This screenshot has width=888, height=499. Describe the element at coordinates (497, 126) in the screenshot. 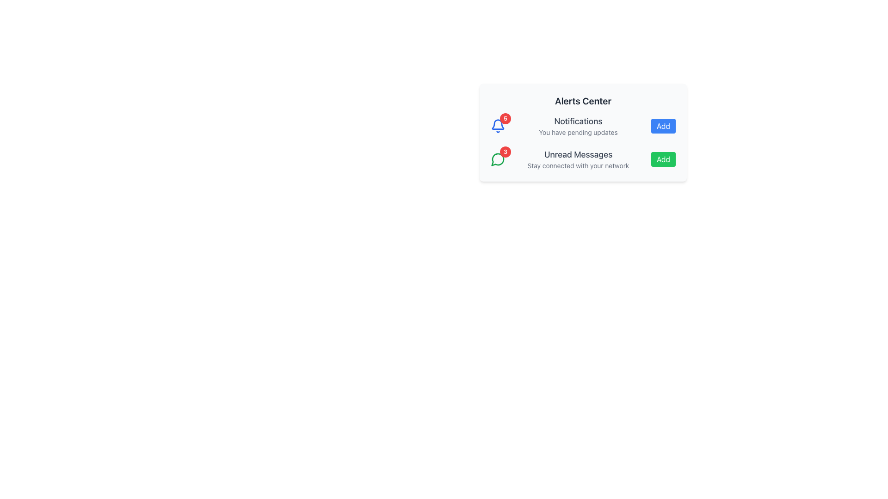

I see `the Notification Icon with Badge, which is a bell-shaped icon with a blue outline and a badge showing the number '5', located in the Notifications section` at that location.